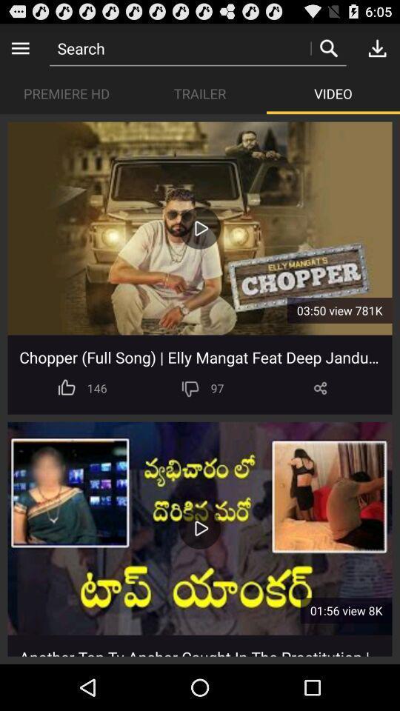 Image resolution: width=400 pixels, height=711 pixels. What do you see at coordinates (190, 387) in the screenshot?
I see `downvote the video` at bounding box center [190, 387].